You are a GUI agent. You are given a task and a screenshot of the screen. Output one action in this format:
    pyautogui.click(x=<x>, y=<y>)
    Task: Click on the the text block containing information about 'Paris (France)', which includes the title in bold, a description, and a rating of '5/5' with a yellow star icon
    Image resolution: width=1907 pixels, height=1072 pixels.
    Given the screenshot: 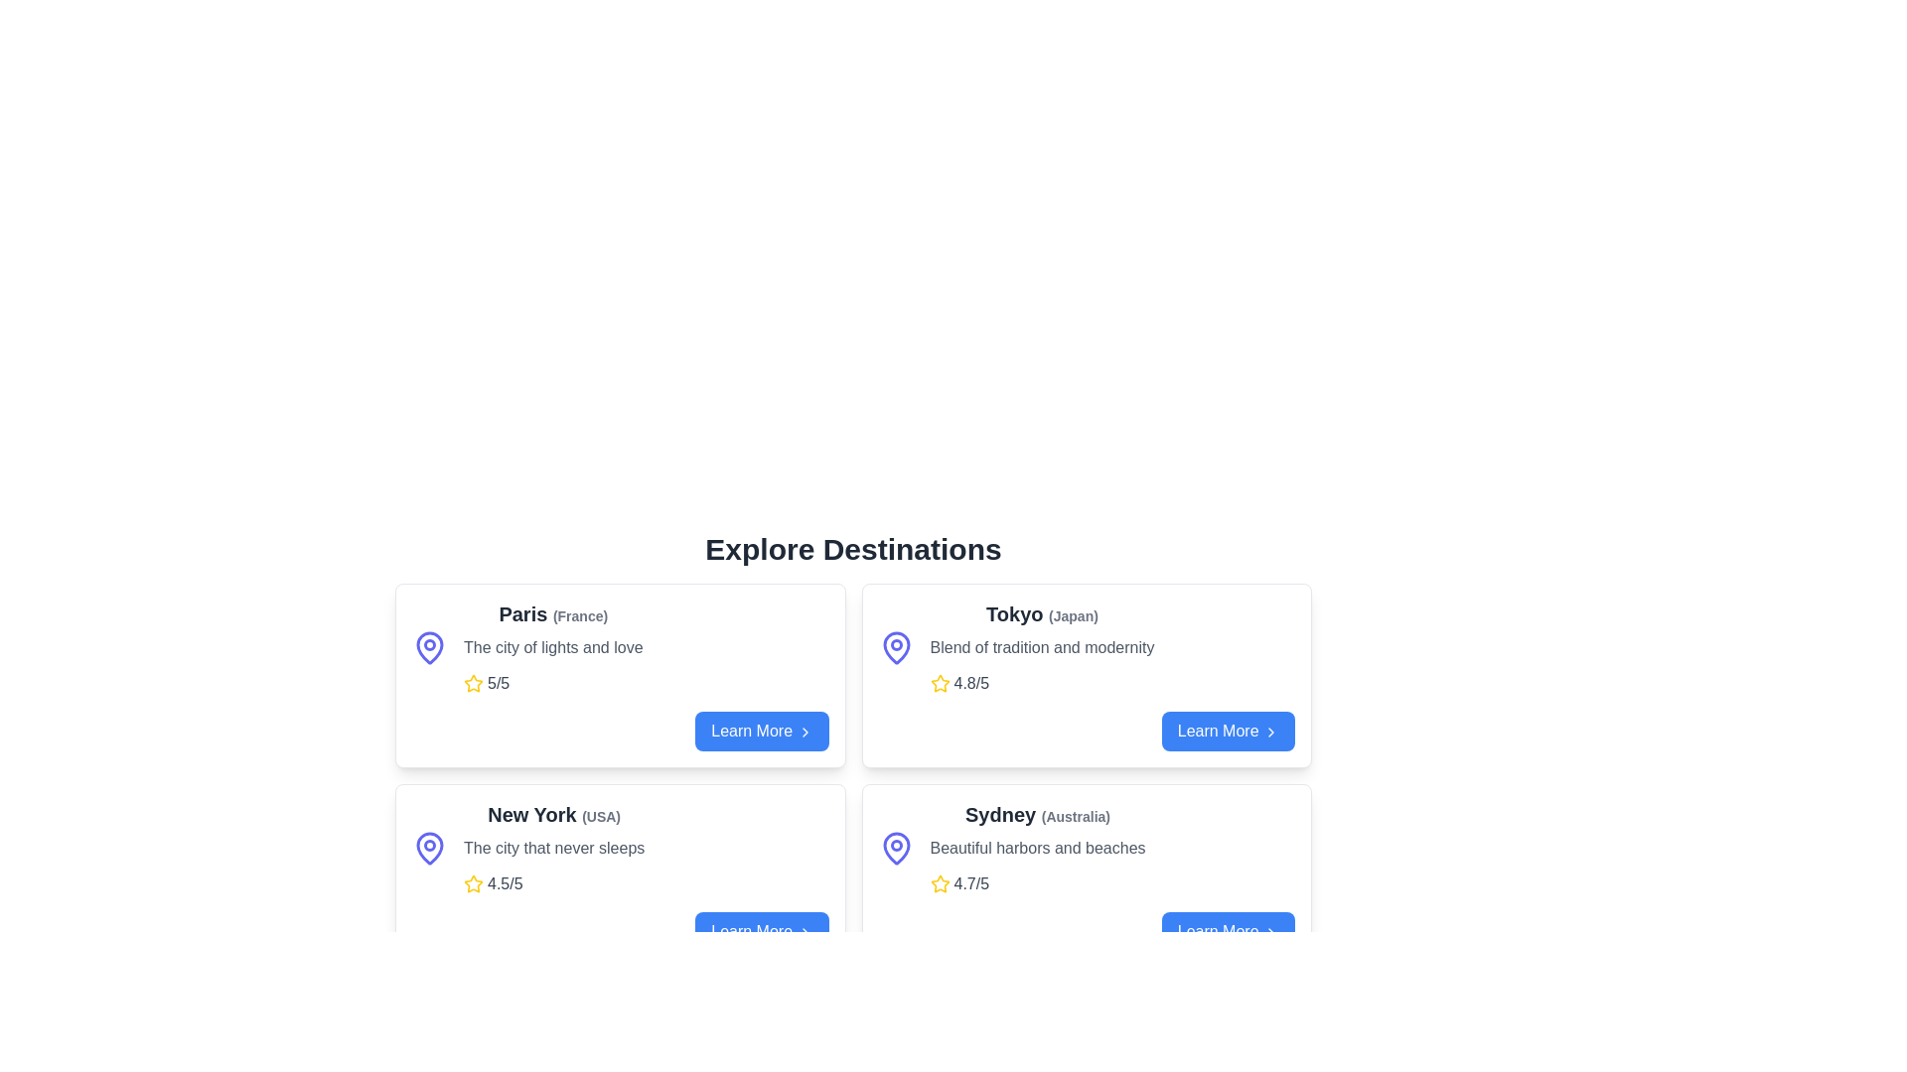 What is the action you would take?
    pyautogui.click(x=553, y=647)
    